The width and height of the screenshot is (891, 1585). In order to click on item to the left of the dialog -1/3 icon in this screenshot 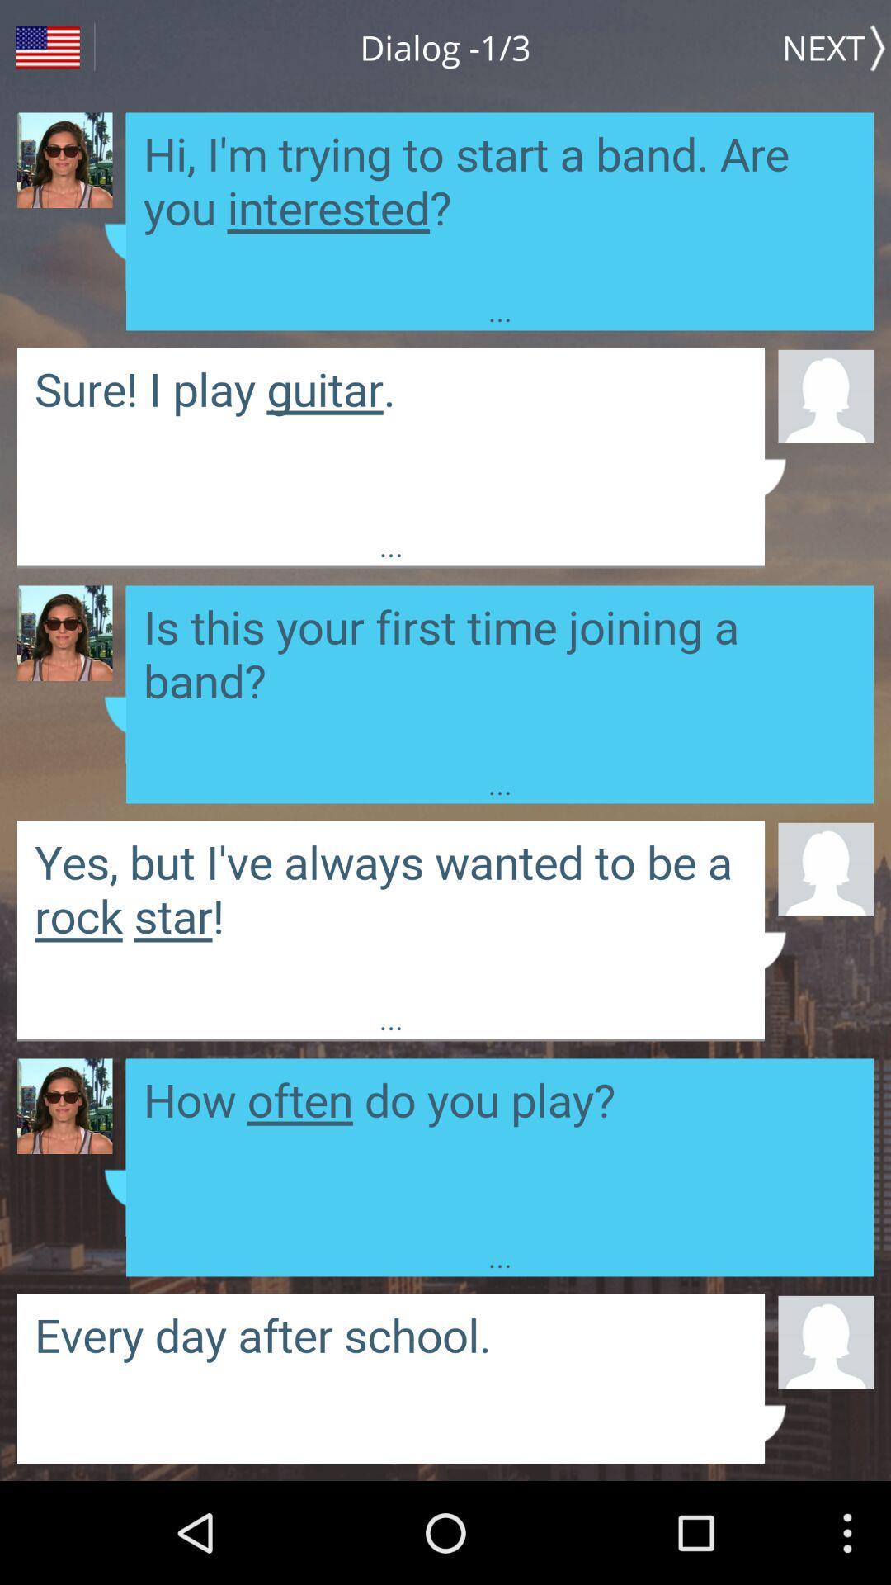, I will do `click(46, 47)`.